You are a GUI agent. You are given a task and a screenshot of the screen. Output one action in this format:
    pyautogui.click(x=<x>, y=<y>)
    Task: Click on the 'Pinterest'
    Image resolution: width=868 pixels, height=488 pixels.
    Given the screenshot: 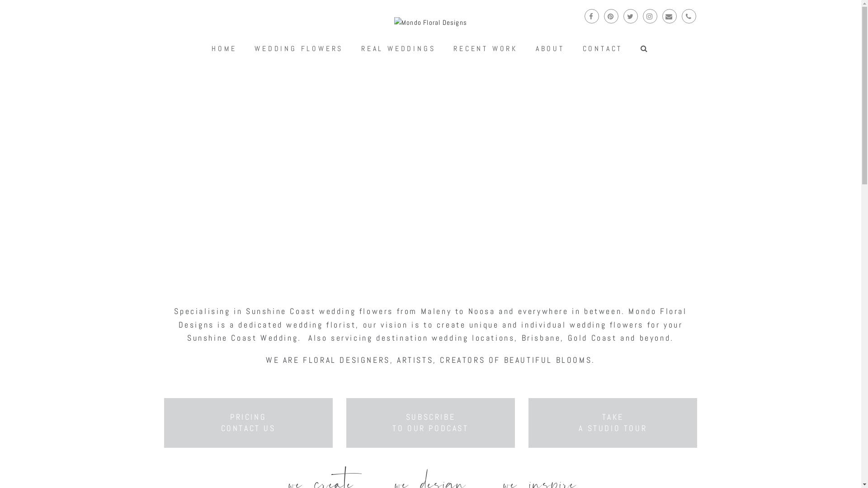 What is the action you would take?
    pyautogui.click(x=604, y=16)
    